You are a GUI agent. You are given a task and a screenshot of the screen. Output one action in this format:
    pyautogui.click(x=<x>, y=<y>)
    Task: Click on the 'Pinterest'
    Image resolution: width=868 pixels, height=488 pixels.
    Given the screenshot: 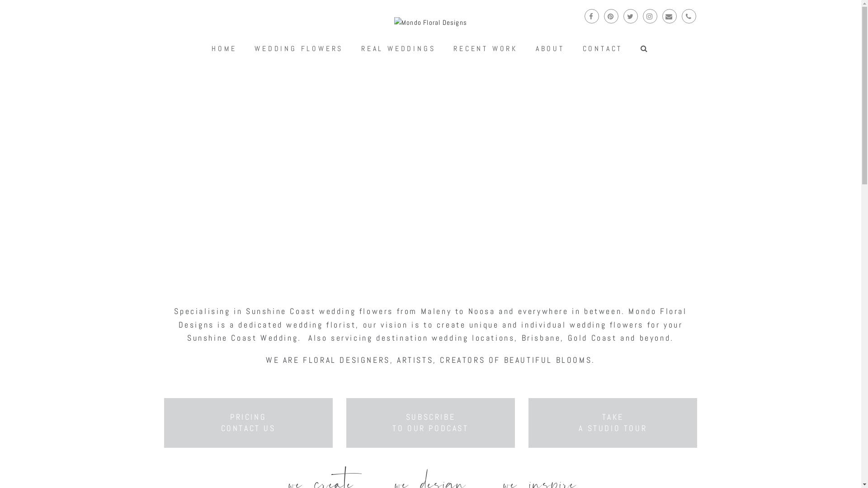 What is the action you would take?
    pyautogui.click(x=604, y=16)
    